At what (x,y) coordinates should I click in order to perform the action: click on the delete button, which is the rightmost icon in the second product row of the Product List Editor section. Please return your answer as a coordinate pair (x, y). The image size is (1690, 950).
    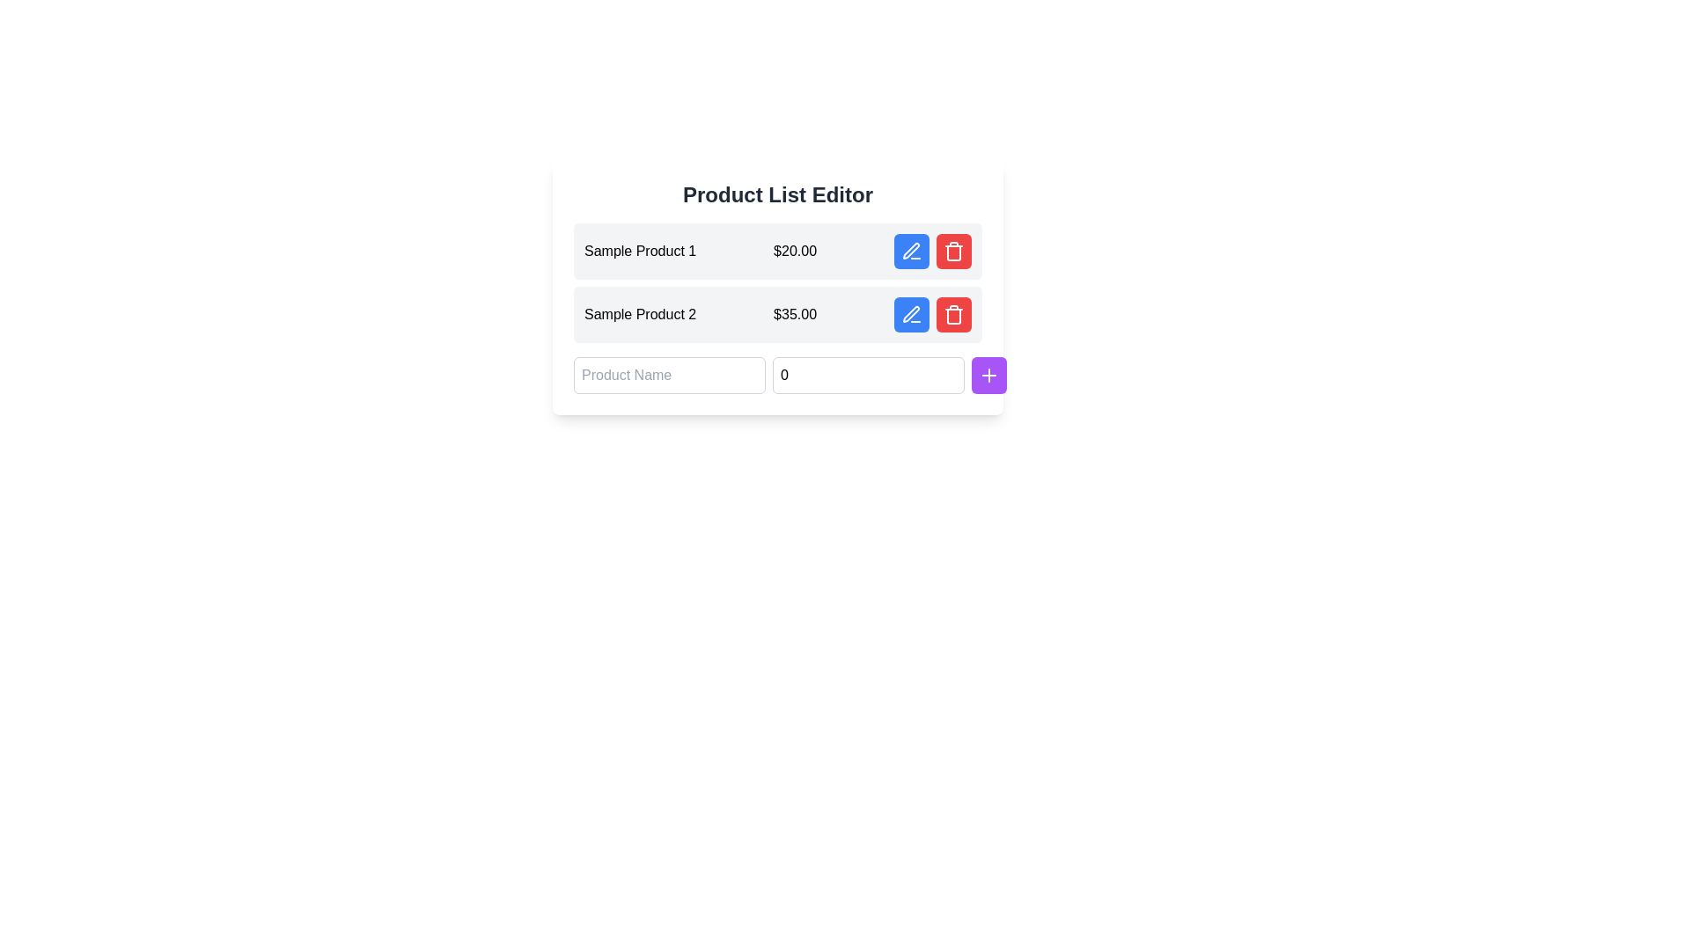
    Looking at the image, I should click on (953, 314).